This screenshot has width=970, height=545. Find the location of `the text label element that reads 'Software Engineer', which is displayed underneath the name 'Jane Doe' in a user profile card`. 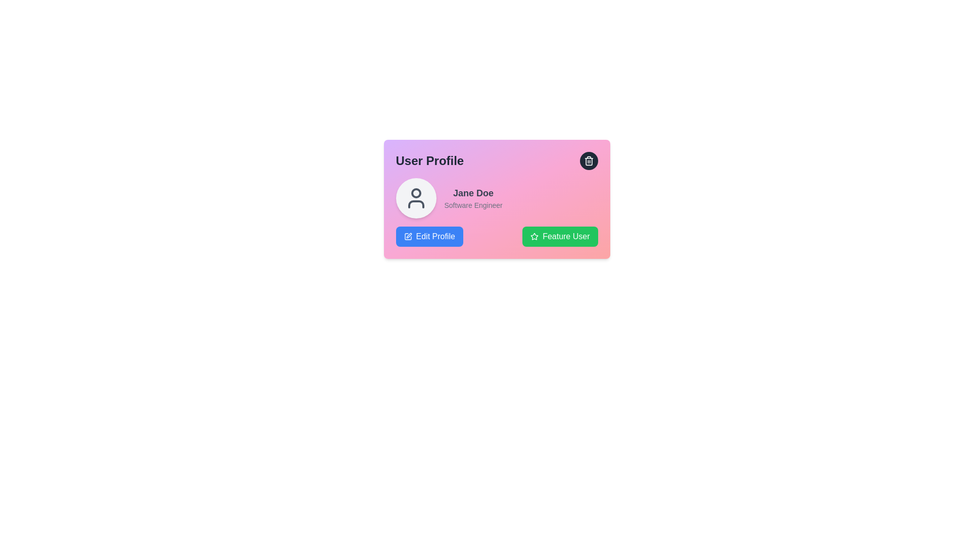

the text label element that reads 'Software Engineer', which is displayed underneath the name 'Jane Doe' in a user profile card is located at coordinates (473, 205).